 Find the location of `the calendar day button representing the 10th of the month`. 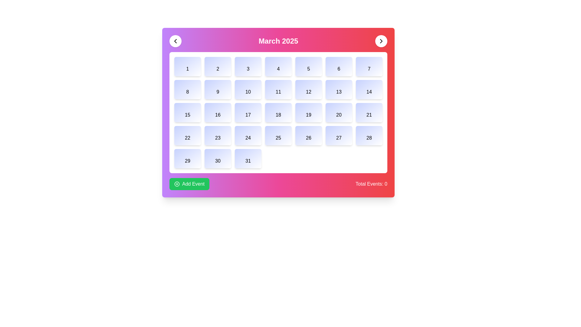

the calendar day button representing the 10th of the month is located at coordinates (248, 90).